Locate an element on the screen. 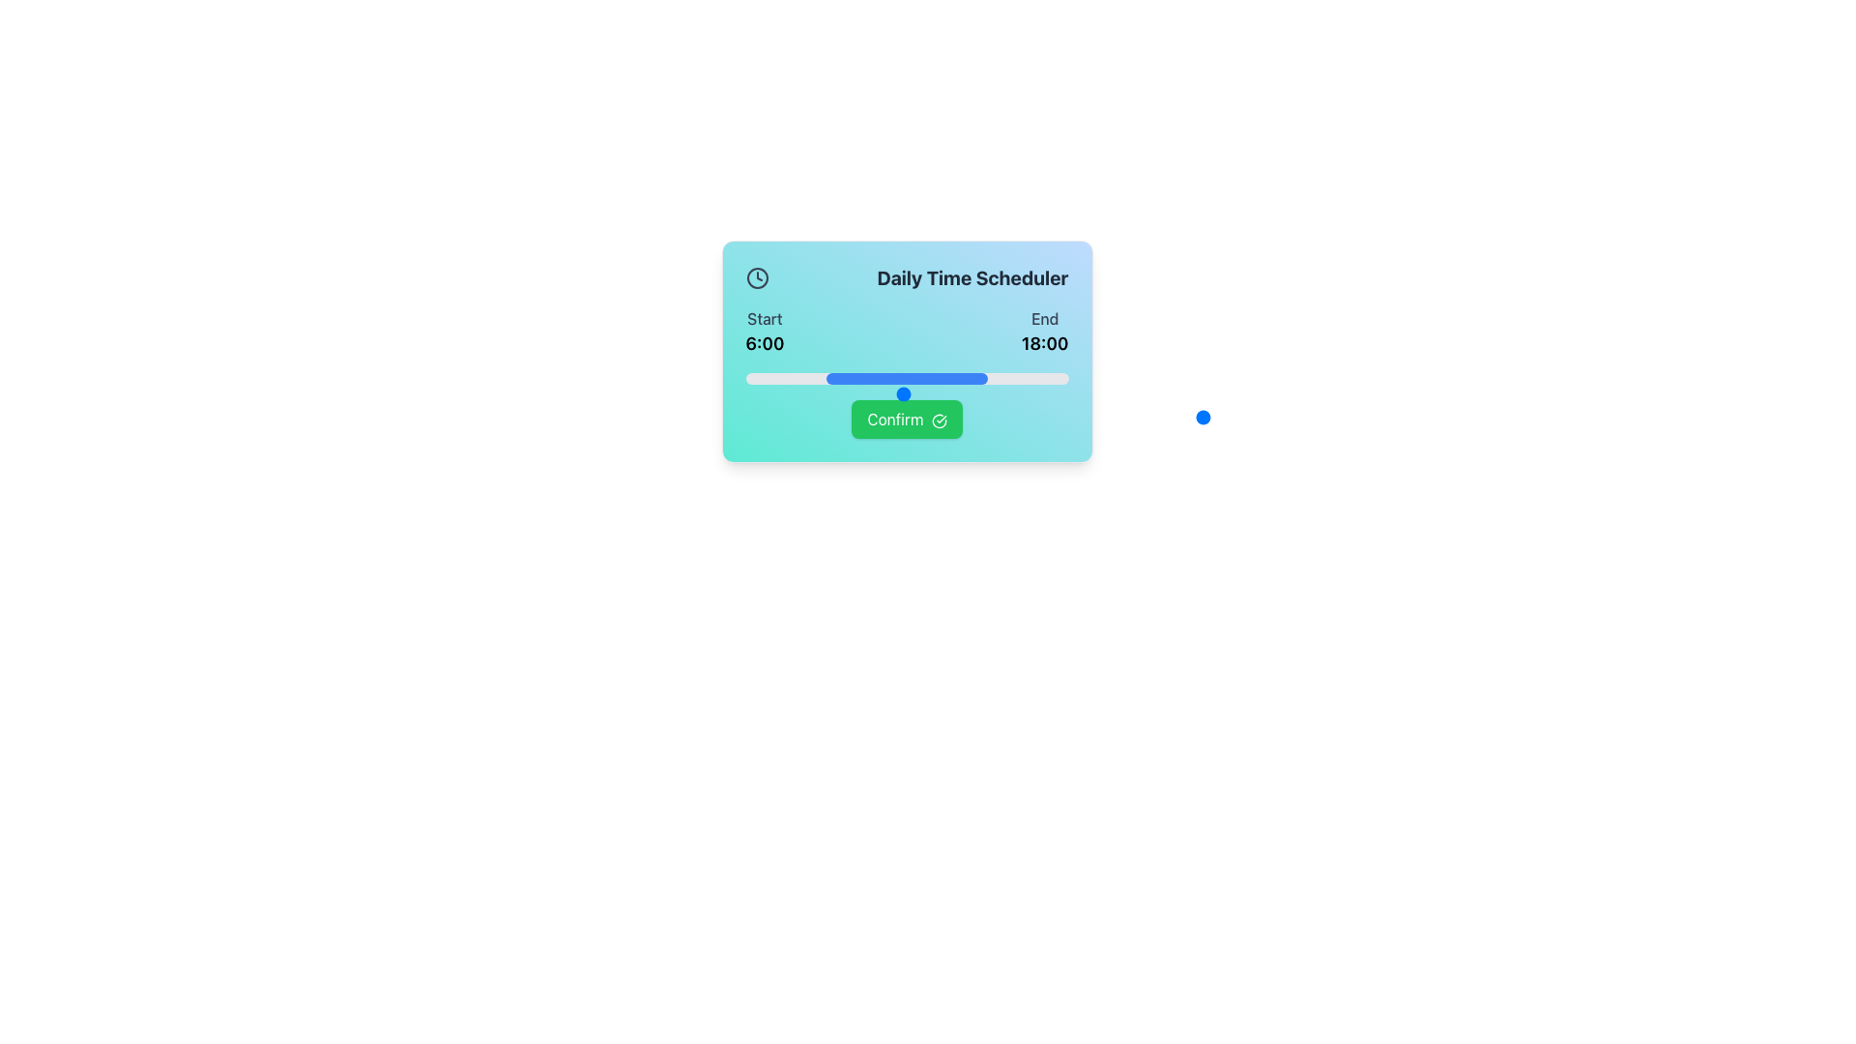 Image resolution: width=1856 pixels, height=1044 pixels. the horizontal progress bar with a rounded rectangular design located in the 'Daily Time Scheduler' card, which has a light gray background and a blue filled section from 25% to 75% is located at coordinates (906, 379).